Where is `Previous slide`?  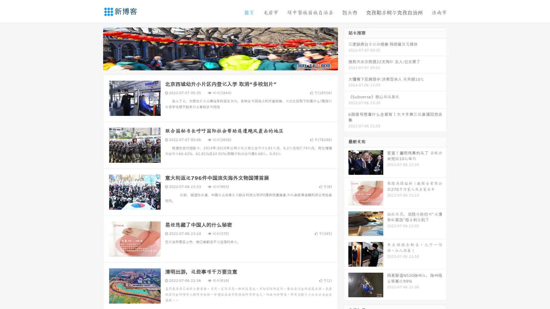 Previous slide is located at coordinates (95, 48).